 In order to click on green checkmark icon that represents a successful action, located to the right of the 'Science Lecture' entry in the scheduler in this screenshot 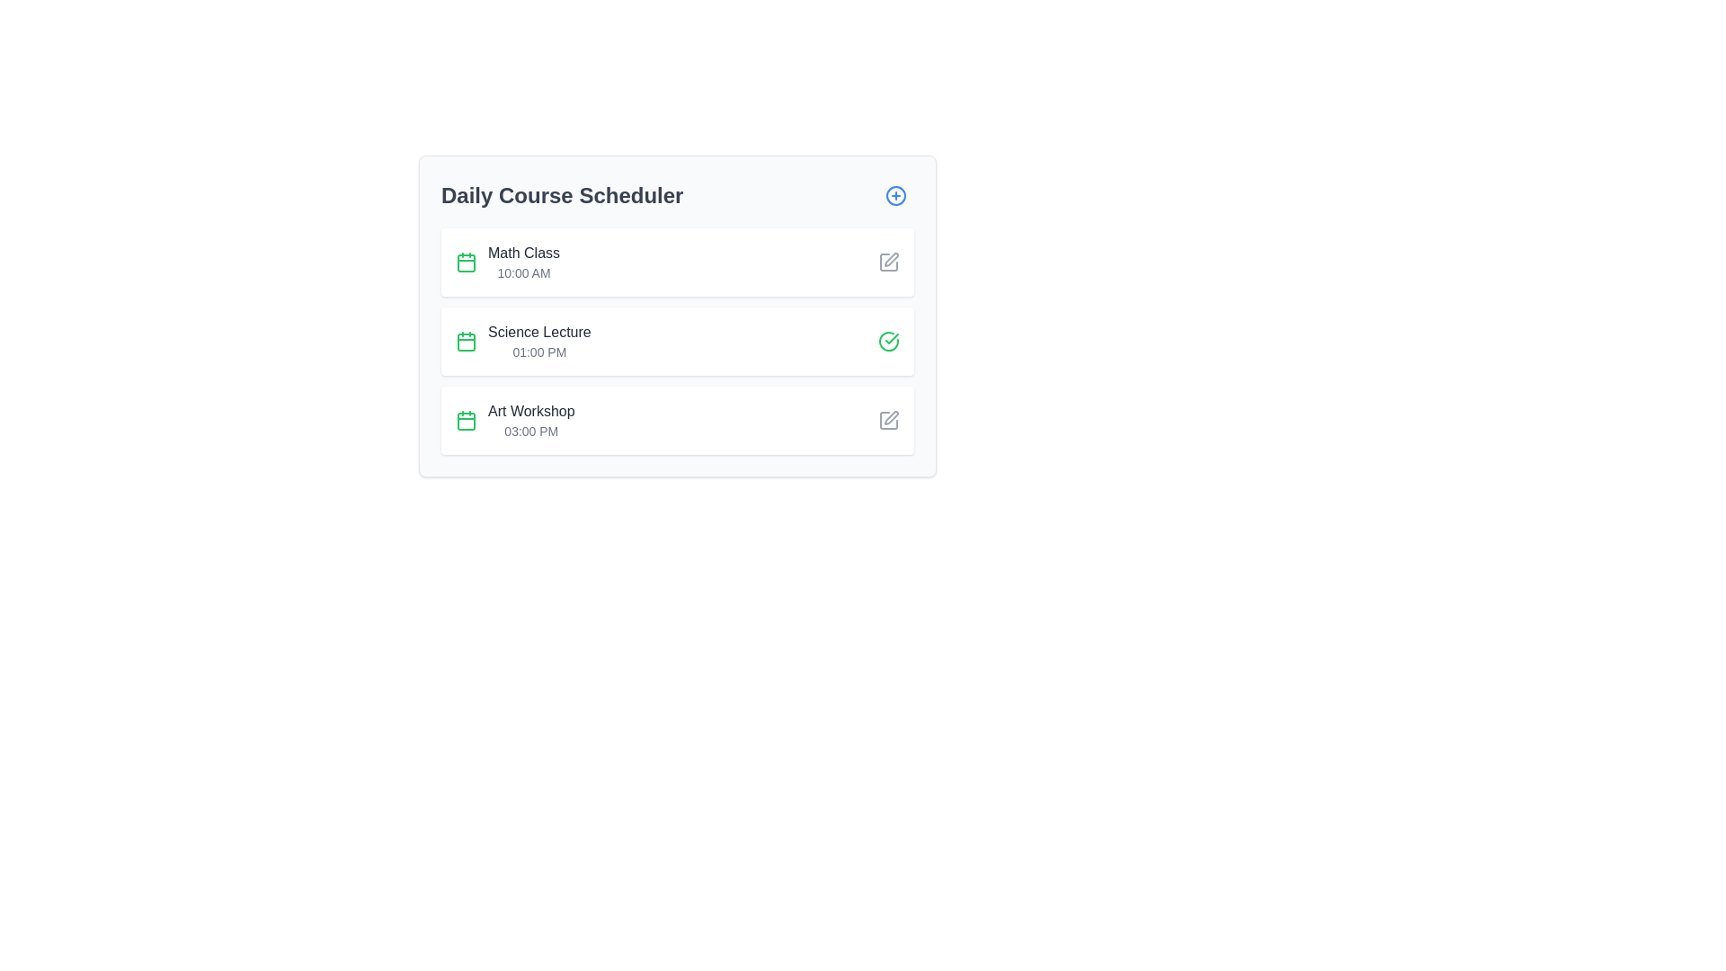, I will do `click(892, 339)`.